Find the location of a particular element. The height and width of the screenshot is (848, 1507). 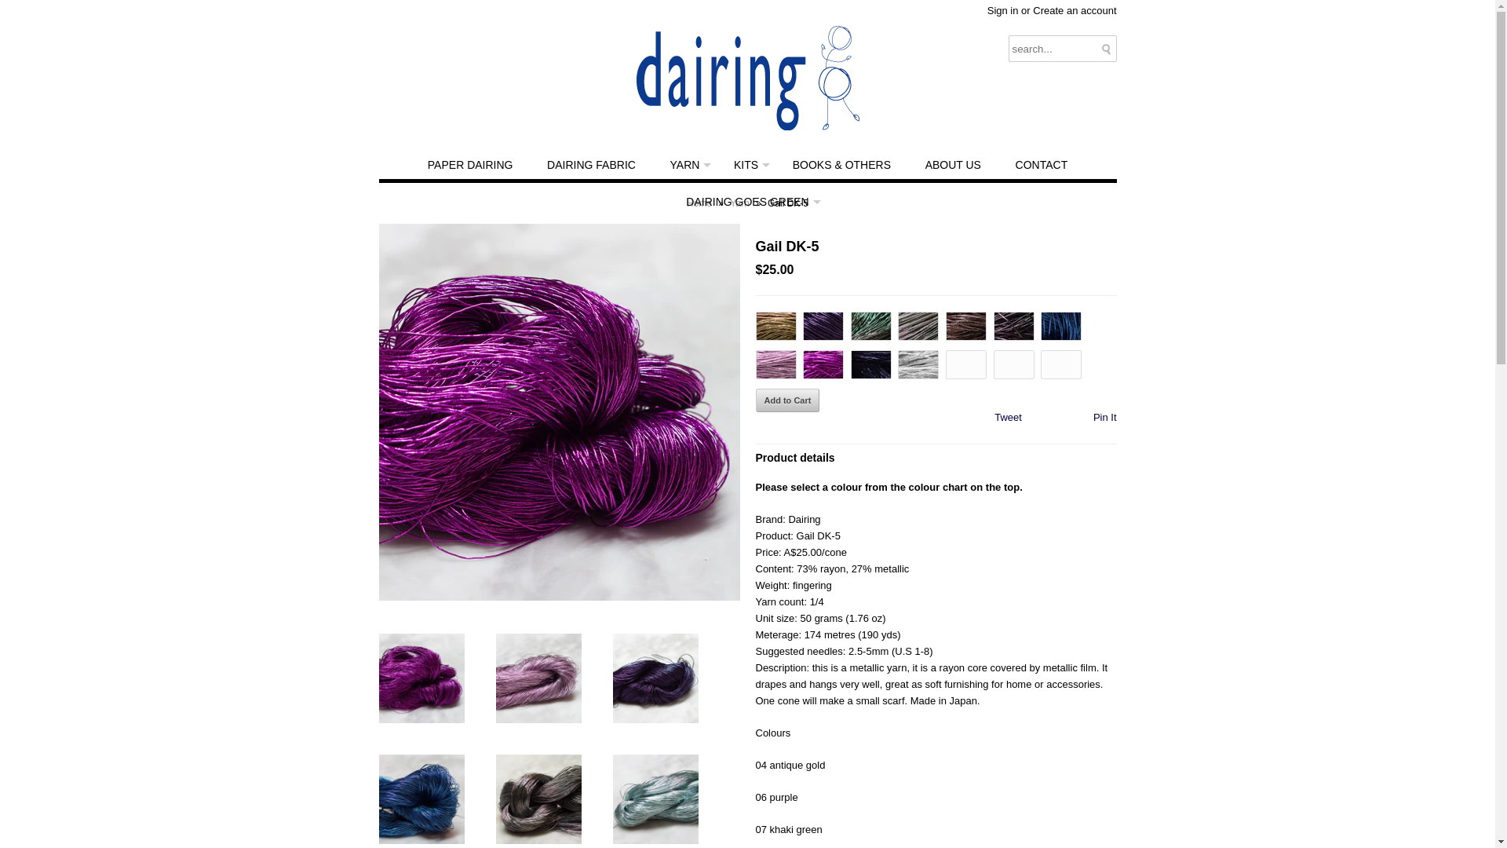

'Yarn' is located at coordinates (740, 202).